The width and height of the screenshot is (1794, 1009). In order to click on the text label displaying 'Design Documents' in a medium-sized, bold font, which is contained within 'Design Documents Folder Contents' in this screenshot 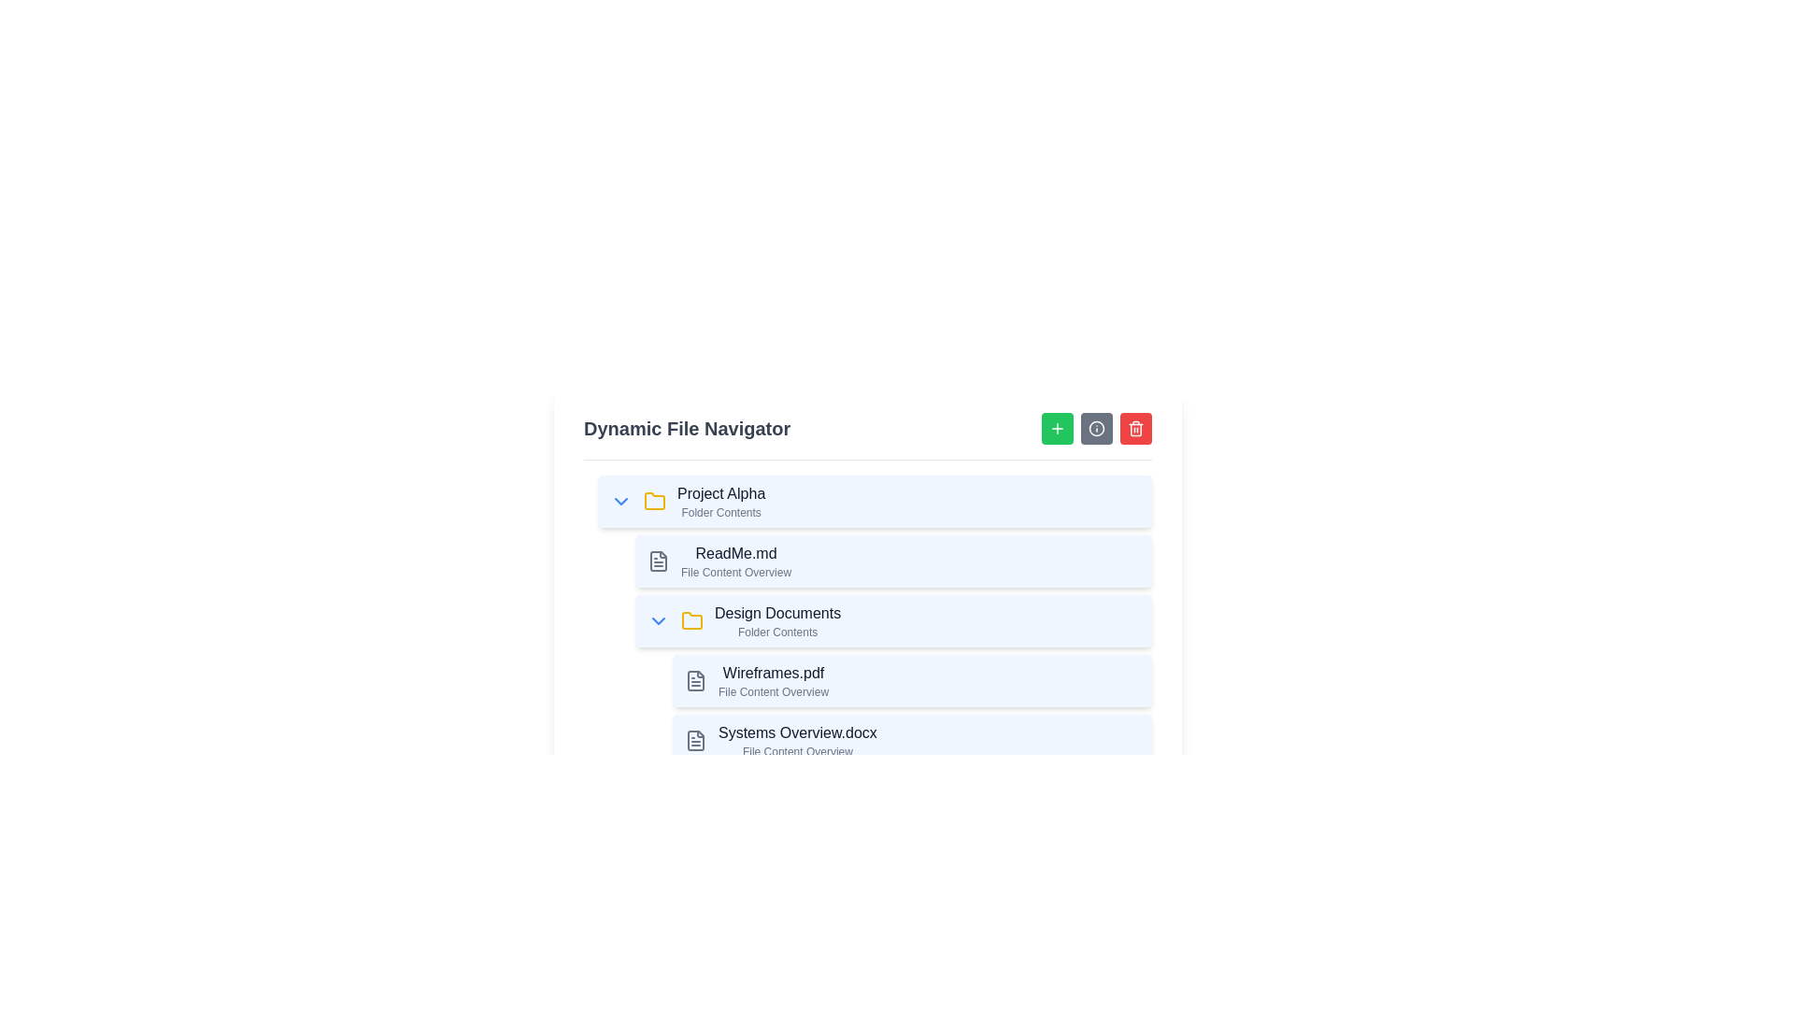, I will do `click(777, 613)`.